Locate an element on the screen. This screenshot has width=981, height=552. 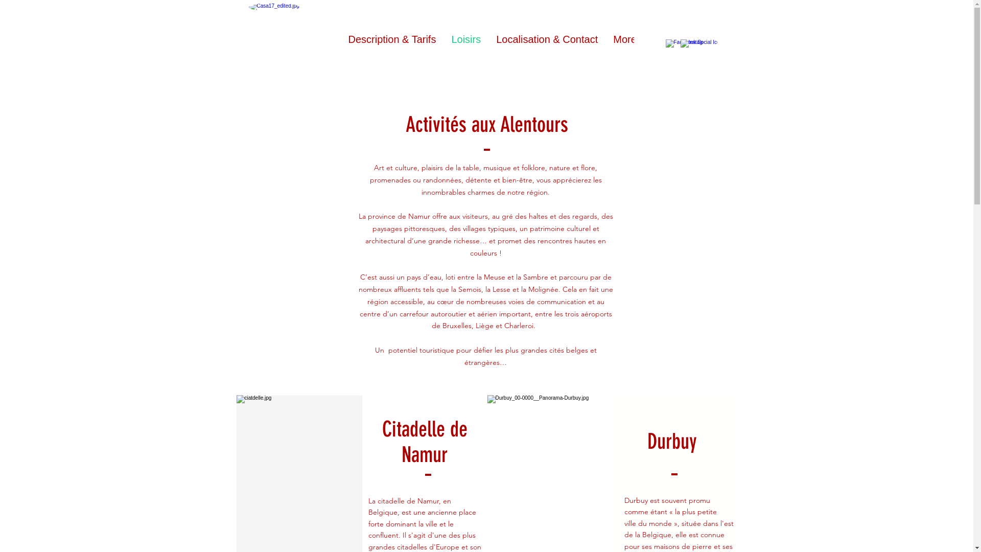
'Description & Tarifs' is located at coordinates (391, 44).